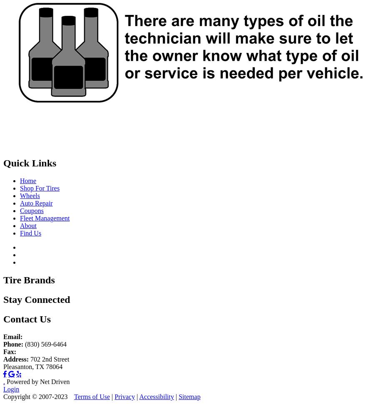 This screenshot has height=404, width=378. Describe the element at coordinates (12, 343) in the screenshot. I see `'Phone:'` at that location.